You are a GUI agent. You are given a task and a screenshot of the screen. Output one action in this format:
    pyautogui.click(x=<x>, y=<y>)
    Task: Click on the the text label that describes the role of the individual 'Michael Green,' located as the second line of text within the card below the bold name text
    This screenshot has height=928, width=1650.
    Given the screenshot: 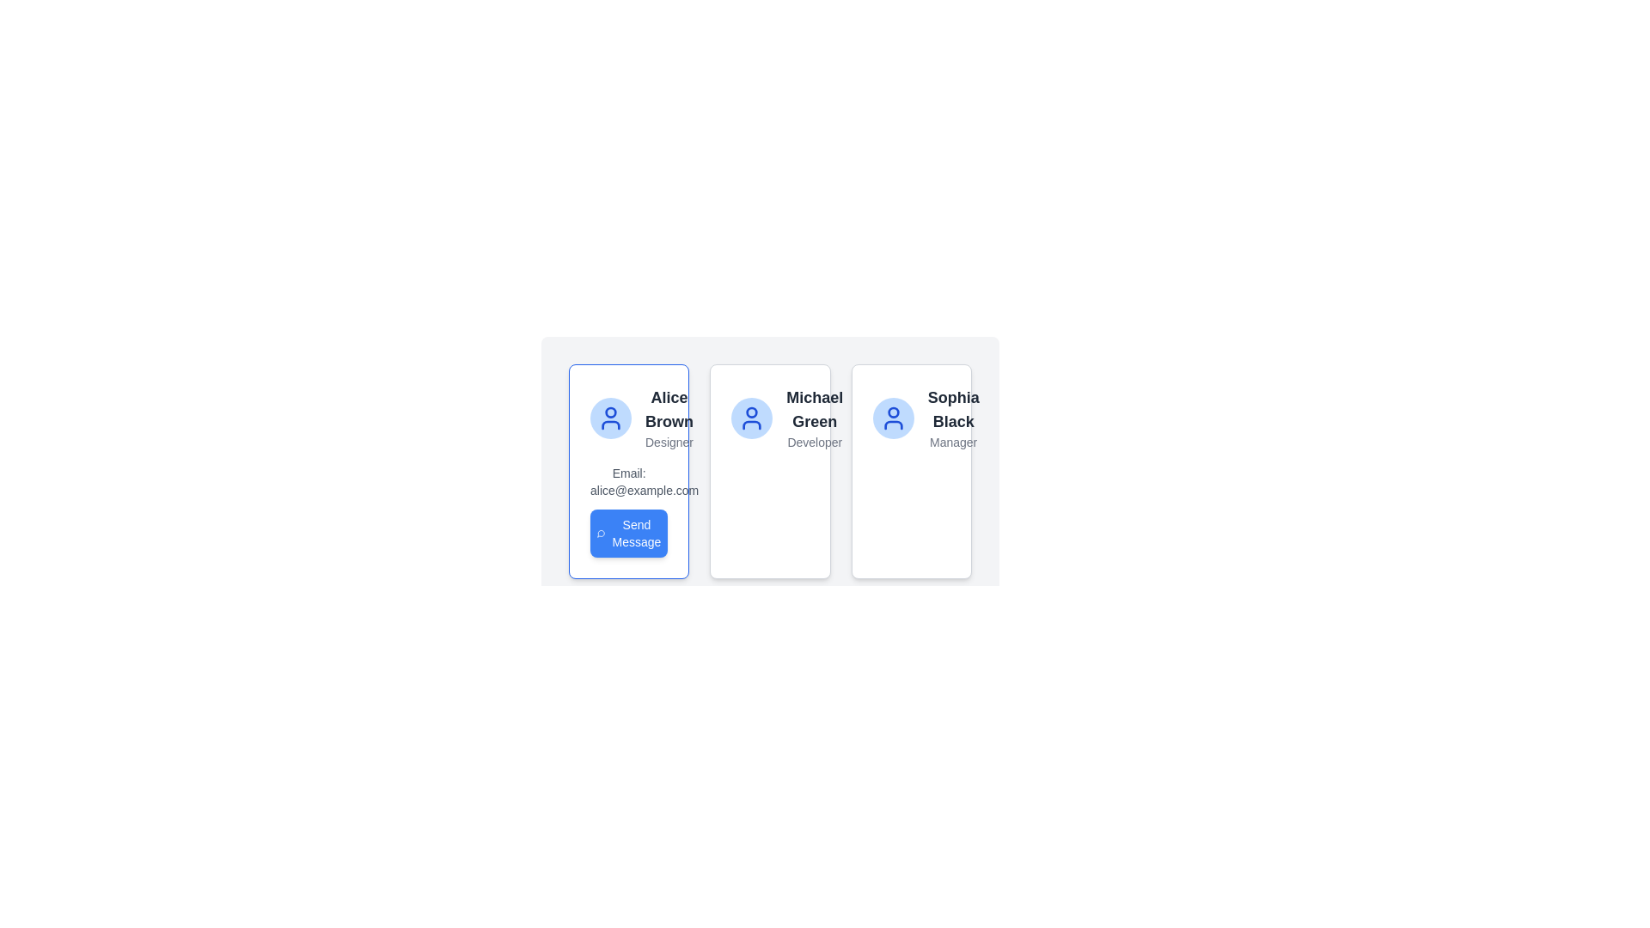 What is the action you would take?
    pyautogui.click(x=814, y=442)
    